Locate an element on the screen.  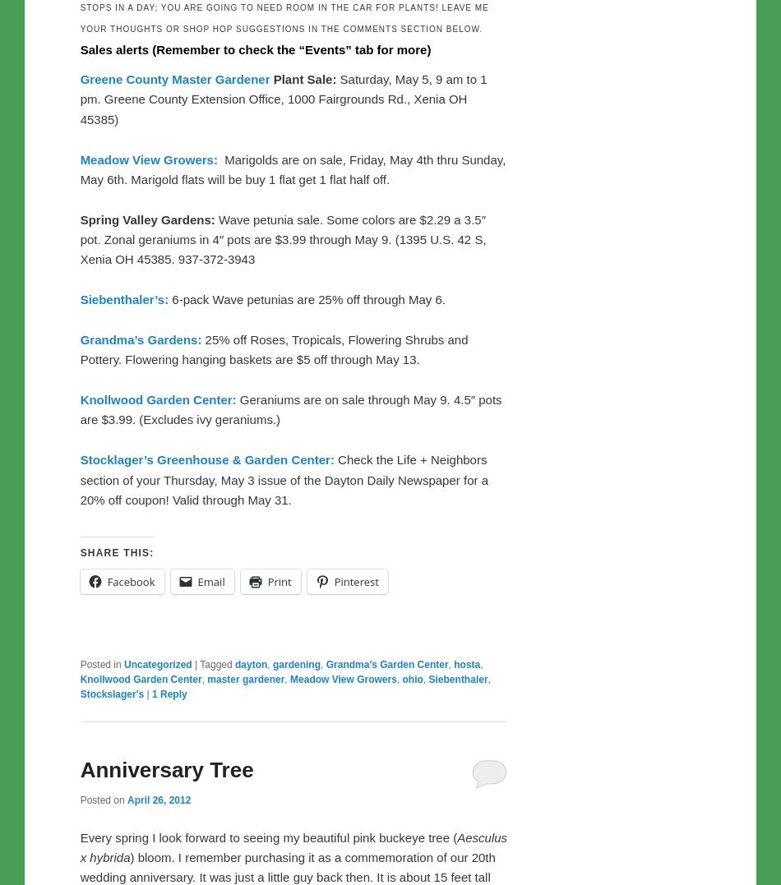
'Plant Sale:' is located at coordinates (303, 78).